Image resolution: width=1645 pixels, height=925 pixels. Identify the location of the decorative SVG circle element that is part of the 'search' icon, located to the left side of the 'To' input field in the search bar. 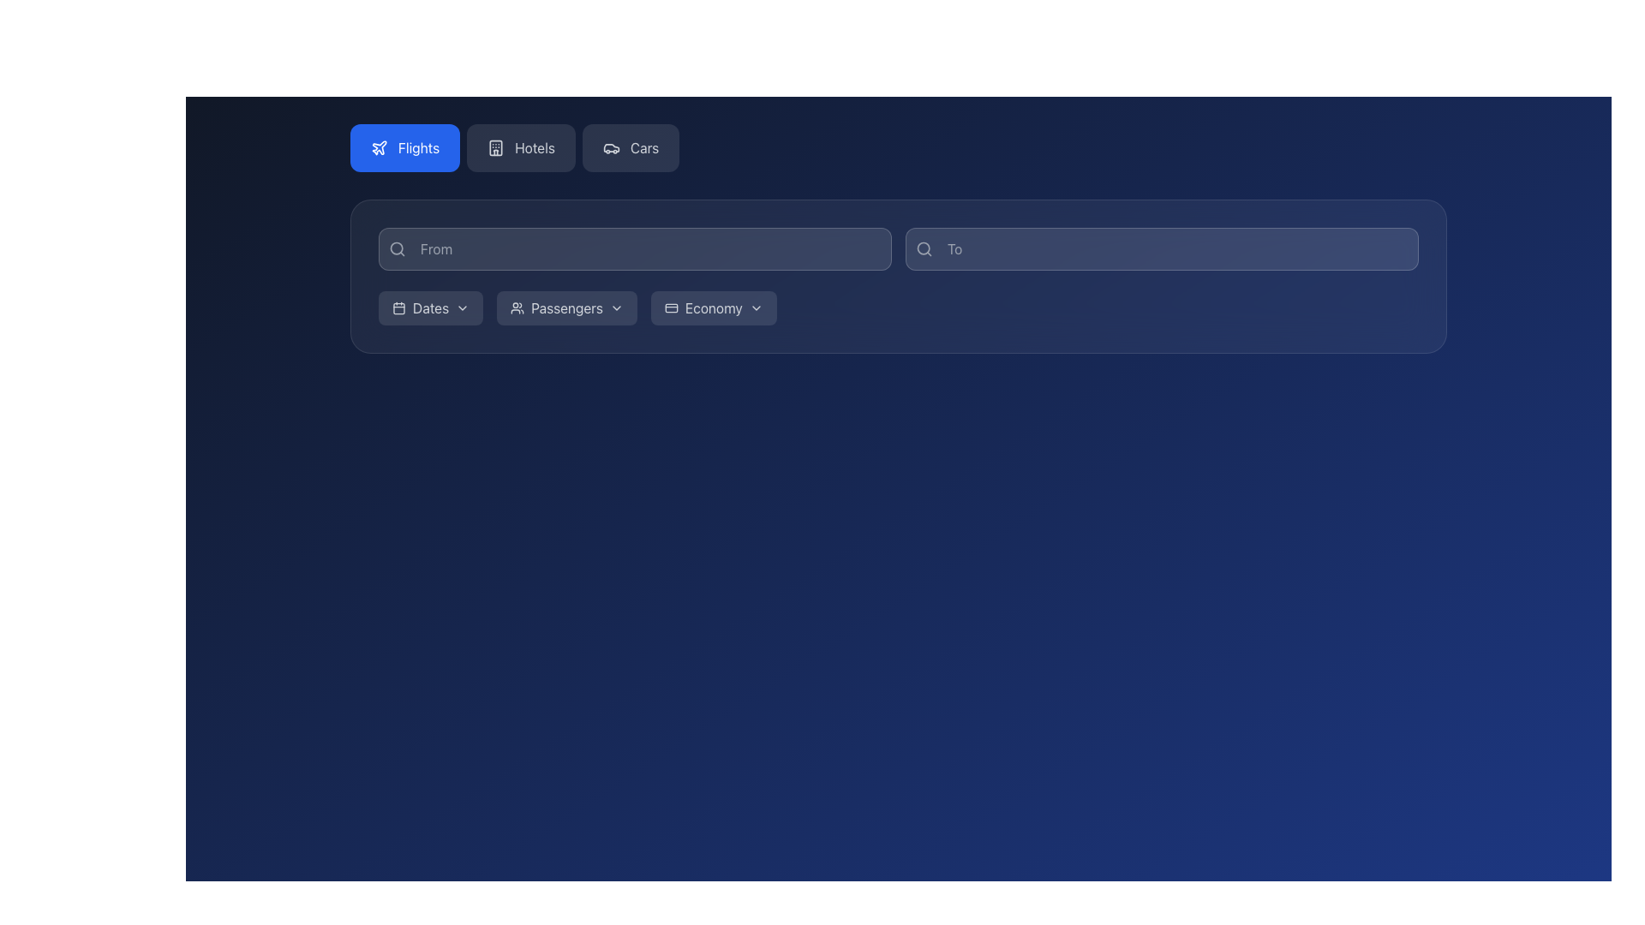
(923, 248).